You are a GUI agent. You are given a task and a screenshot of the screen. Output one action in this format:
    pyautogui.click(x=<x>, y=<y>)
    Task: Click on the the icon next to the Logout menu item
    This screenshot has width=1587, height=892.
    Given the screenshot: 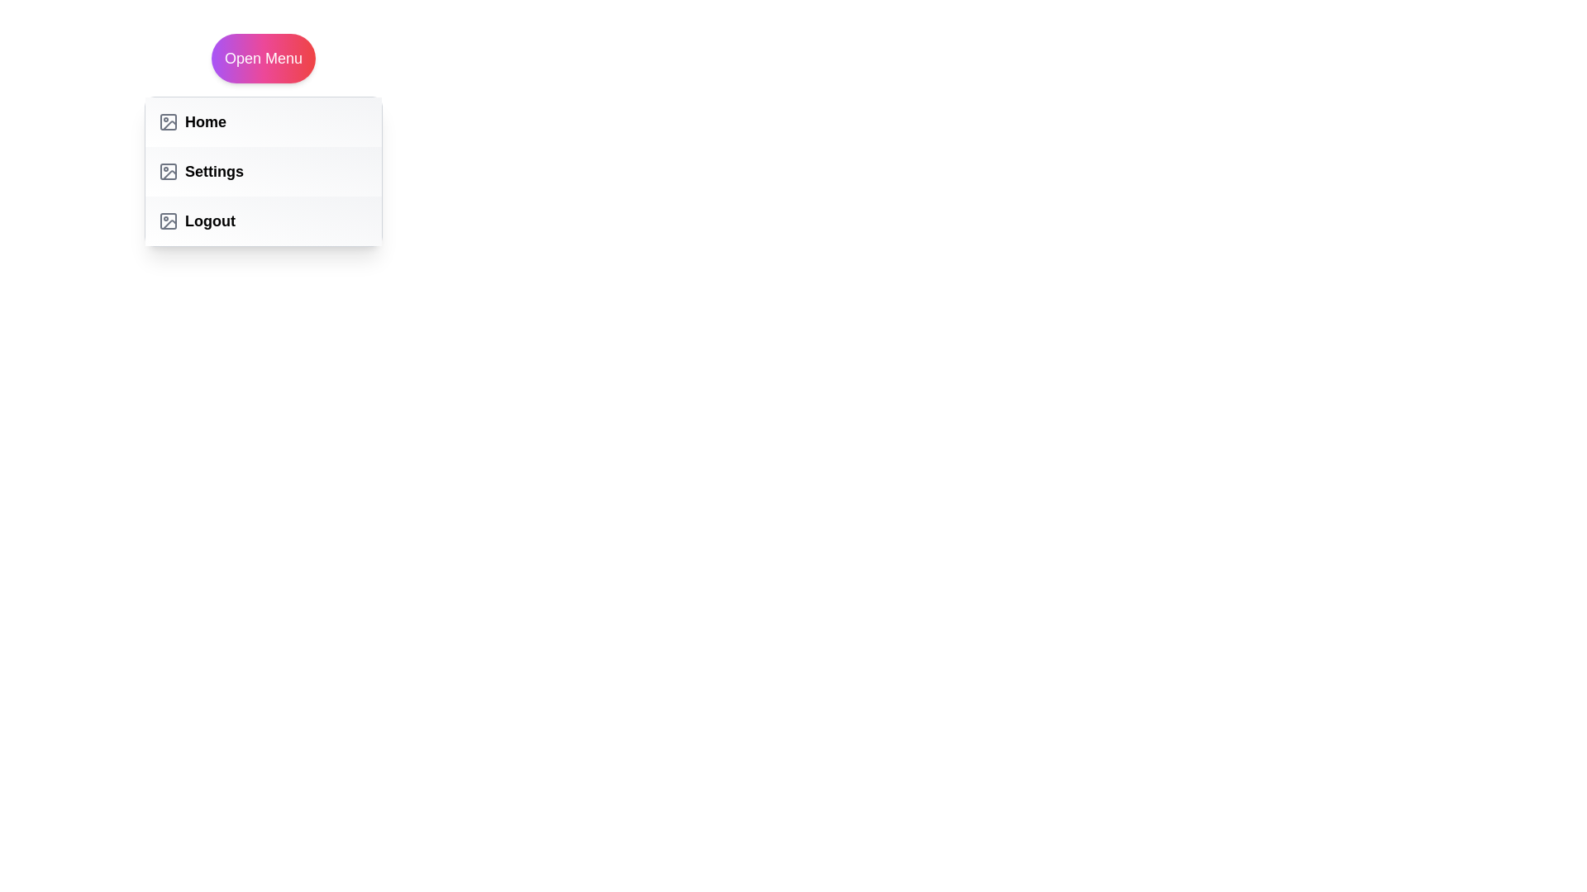 What is the action you would take?
    pyautogui.click(x=168, y=220)
    